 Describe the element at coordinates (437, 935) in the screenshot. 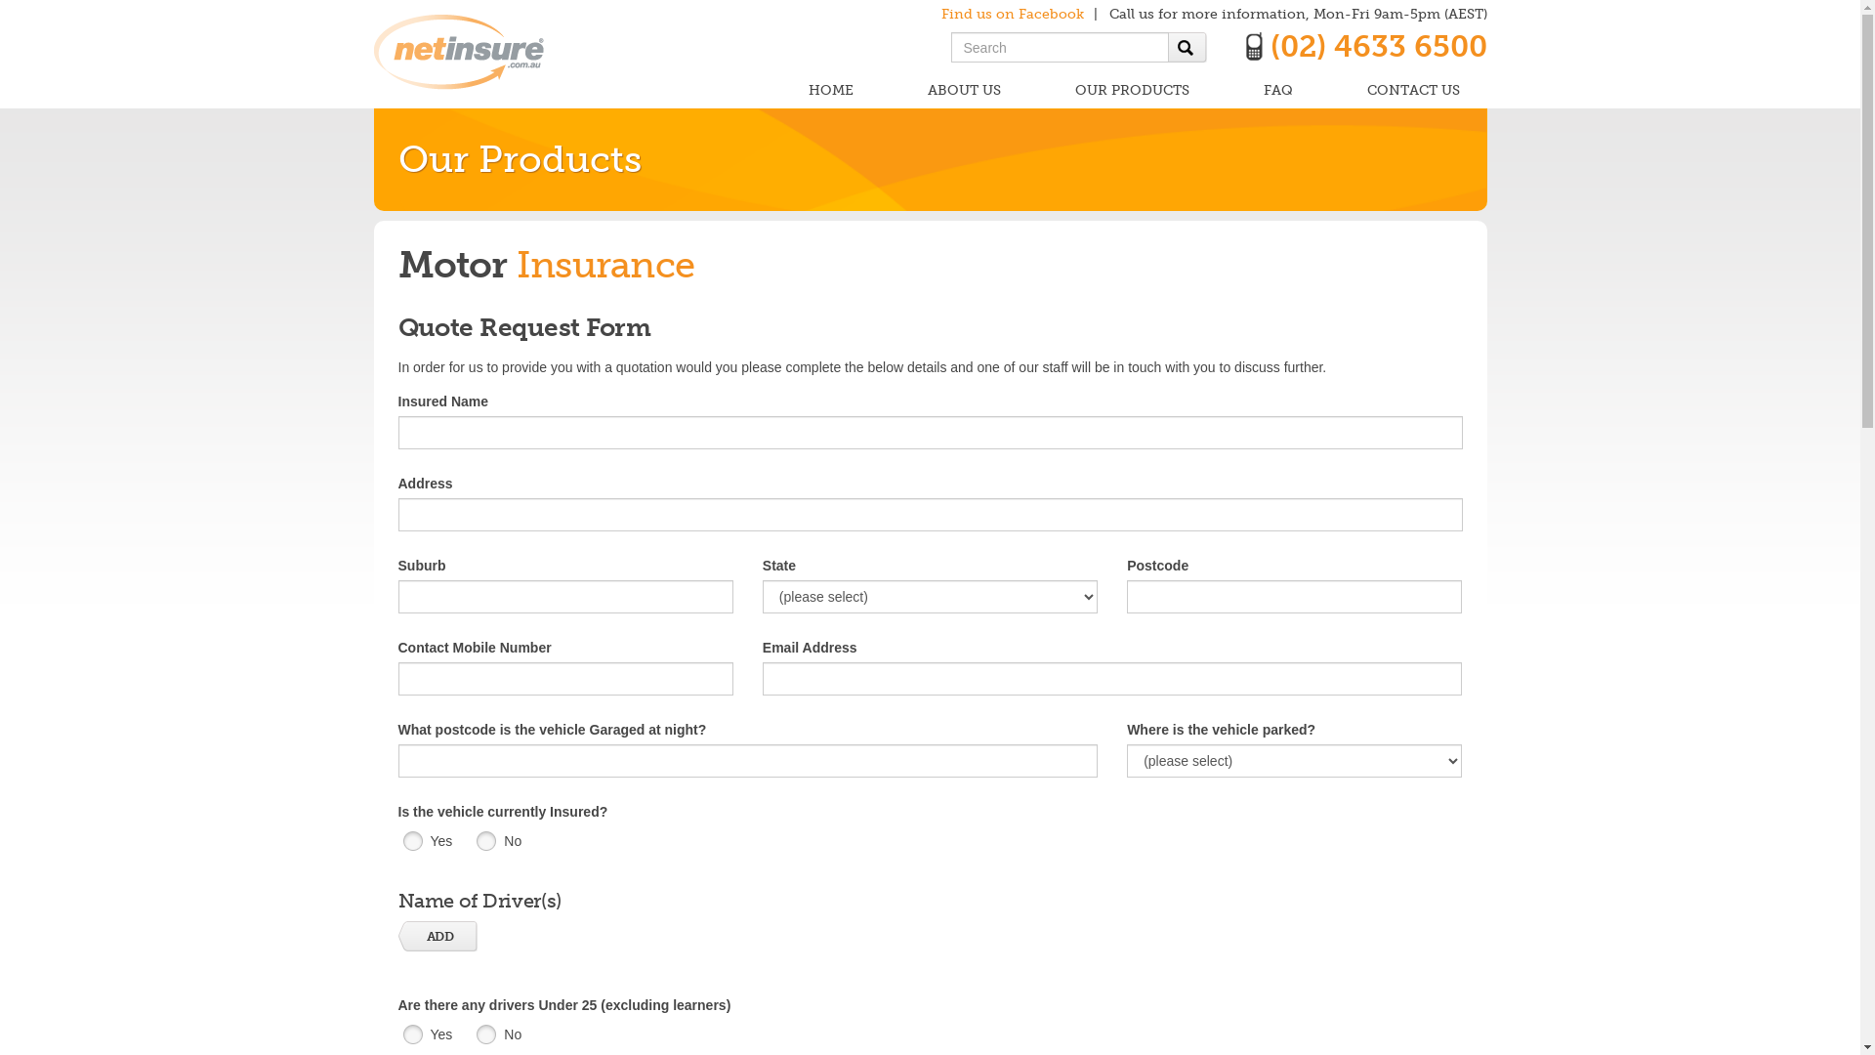

I see `'ADD'` at that location.